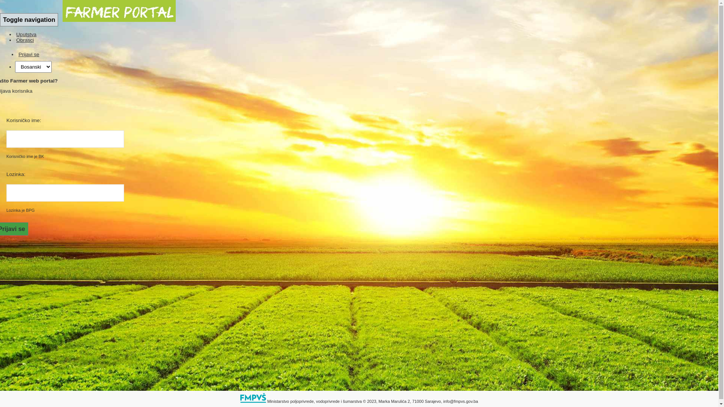  Describe the element at coordinates (26, 34) in the screenshot. I see `'Uputstva'` at that location.